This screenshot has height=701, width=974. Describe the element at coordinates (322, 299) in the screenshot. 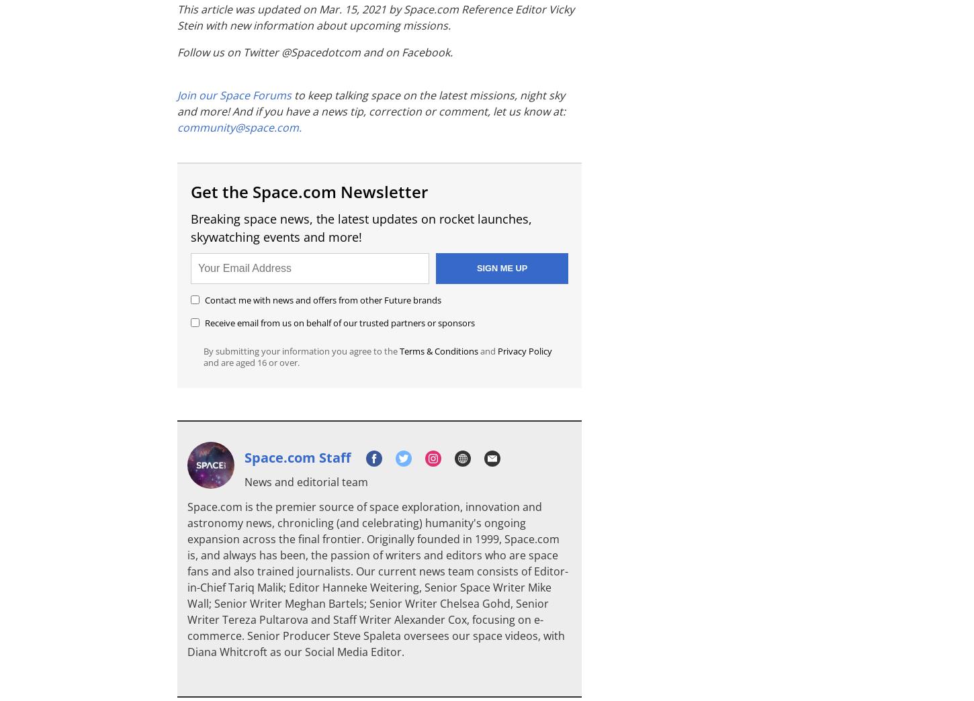

I see `'Contact me with news and offers from other Future brands'` at that location.